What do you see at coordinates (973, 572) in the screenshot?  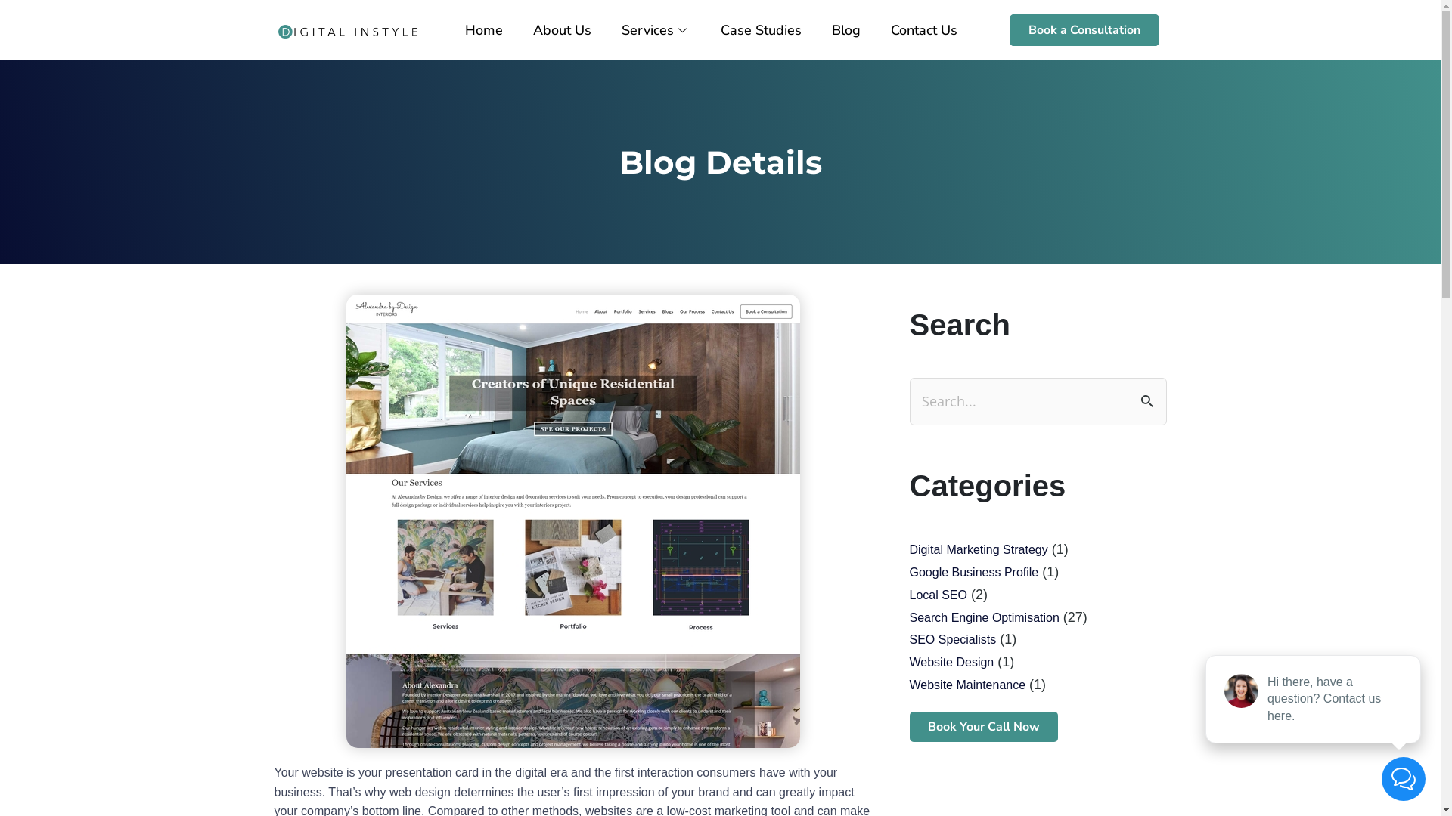 I see `'Google Business Profile'` at bounding box center [973, 572].